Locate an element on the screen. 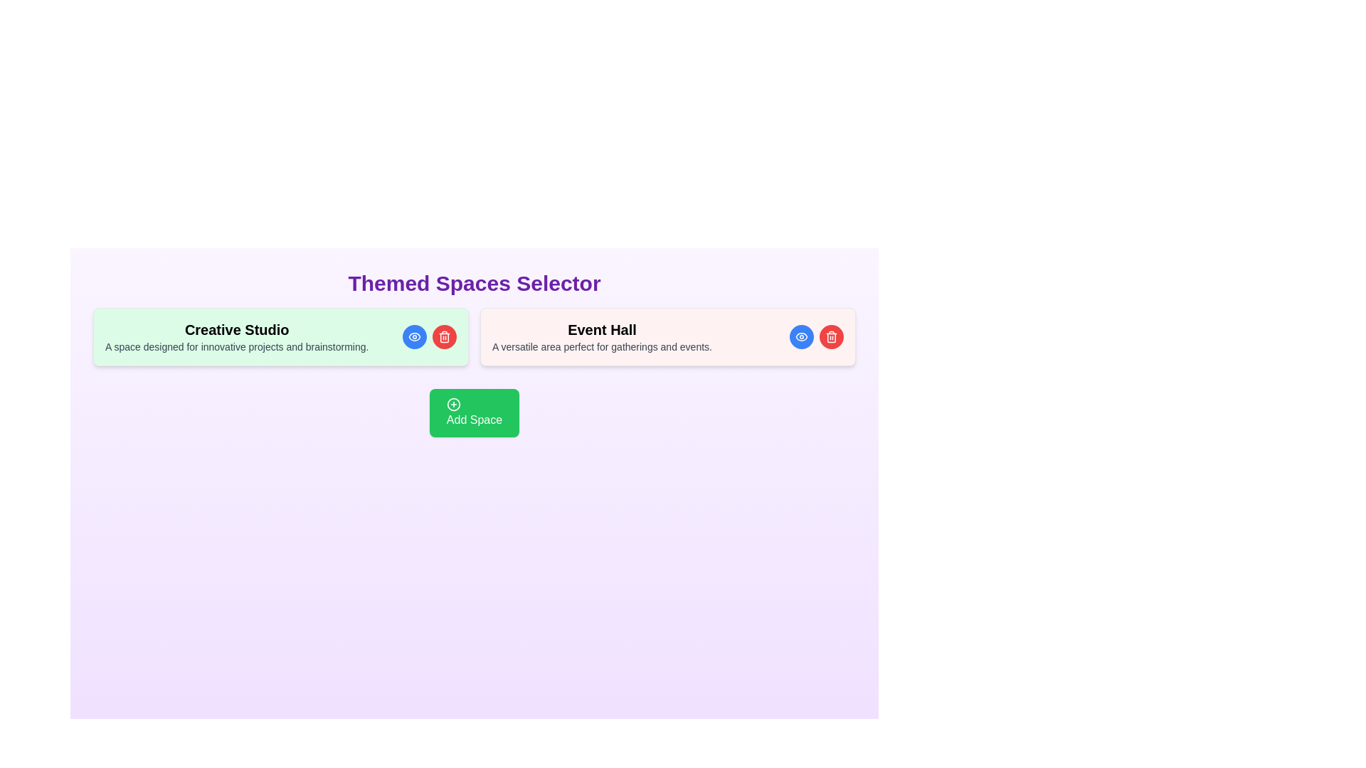  information displayed in the 'Event Hall' description box, which is the second textual display element in the list, located to the right of 'Creative Studio' is located at coordinates (602, 337).